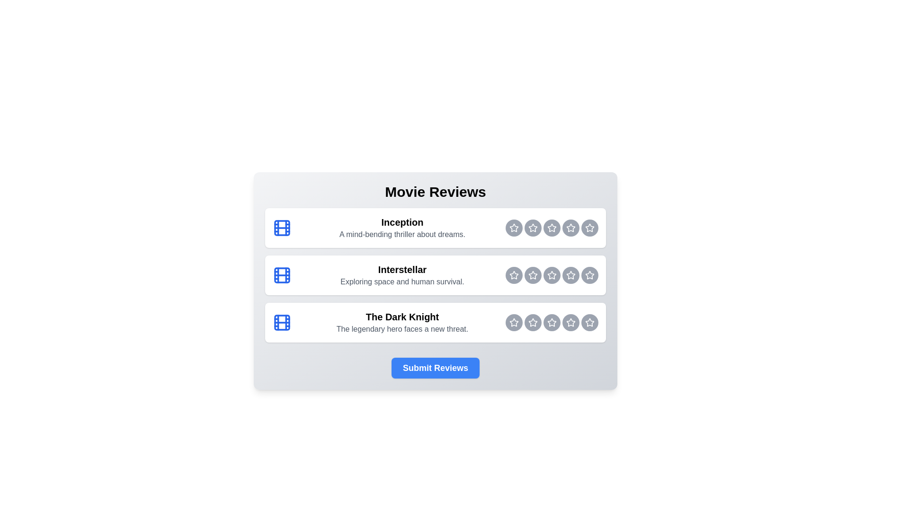  What do you see at coordinates (589, 275) in the screenshot?
I see `the rating button for Interstellar at 5 stars` at bounding box center [589, 275].